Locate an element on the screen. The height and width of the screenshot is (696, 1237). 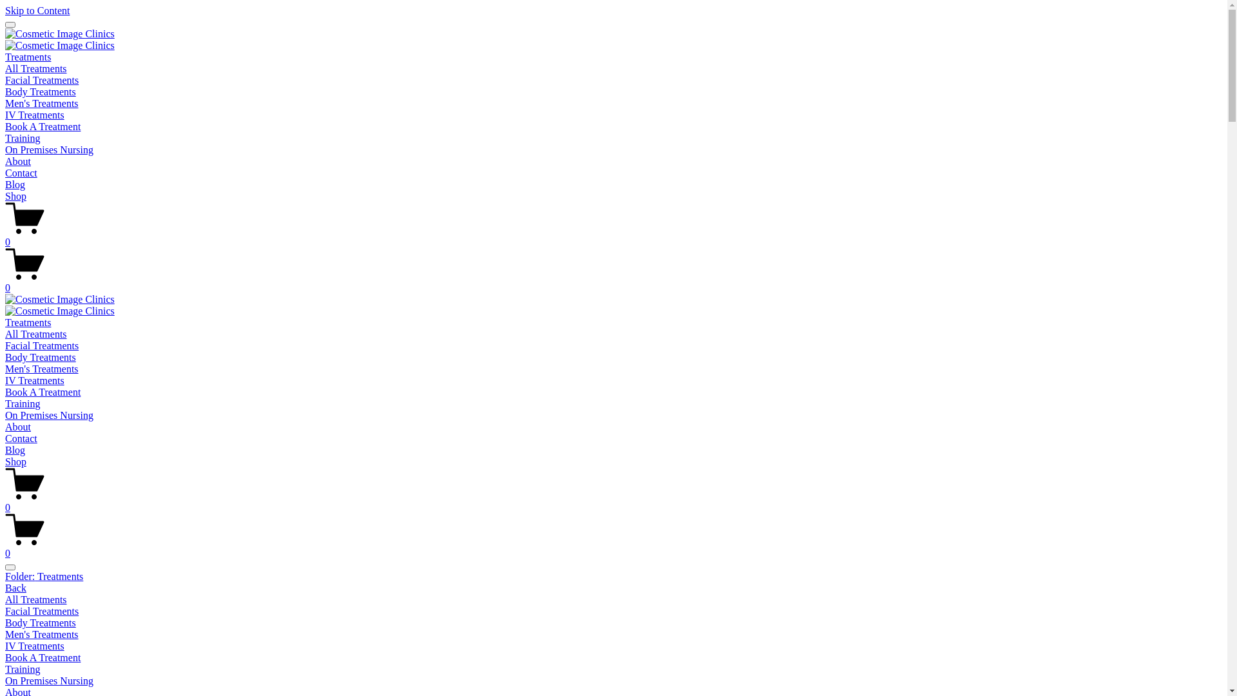
'Back' is located at coordinates (5, 588).